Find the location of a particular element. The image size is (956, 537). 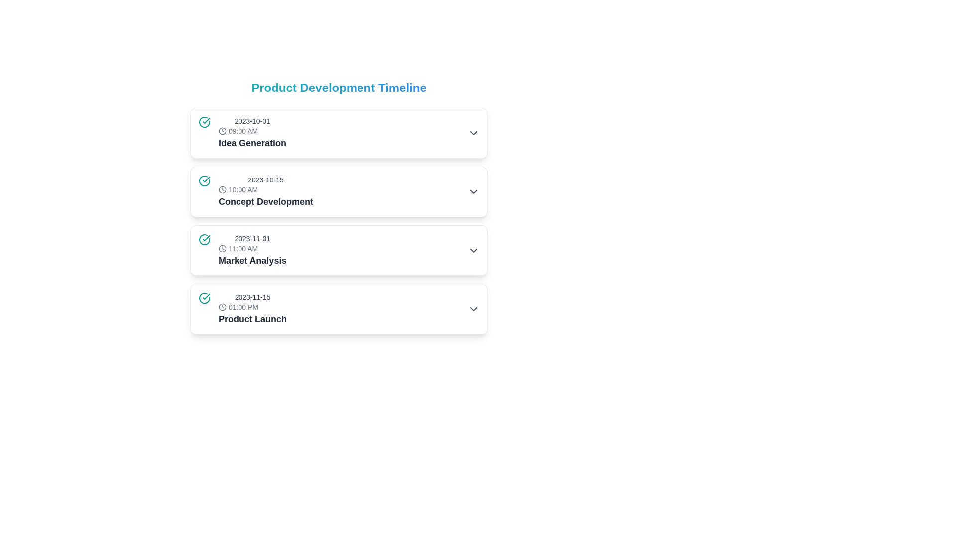

the status conveyed by the completed status icon located at the top left corner of the 'Idea Generation' entry in the timeline is located at coordinates (204, 122).